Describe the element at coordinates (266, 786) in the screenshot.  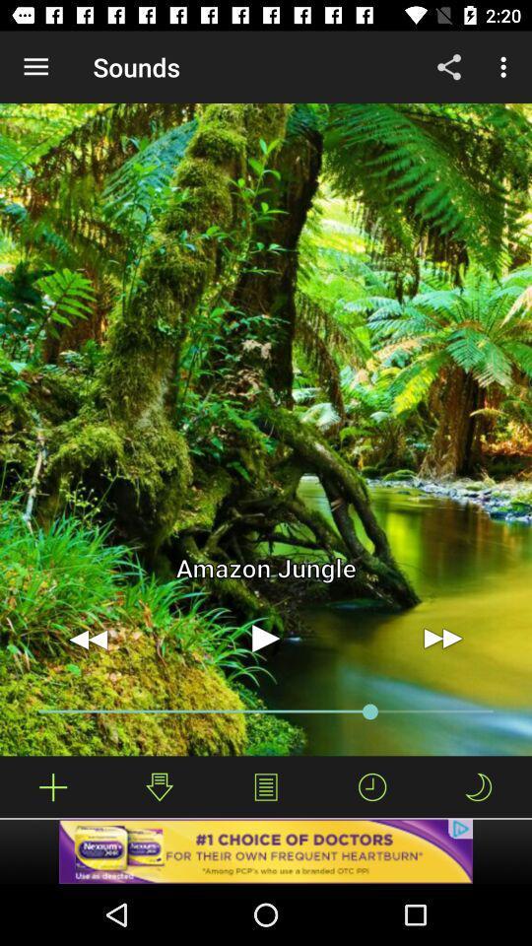
I see `the menu icon` at that location.